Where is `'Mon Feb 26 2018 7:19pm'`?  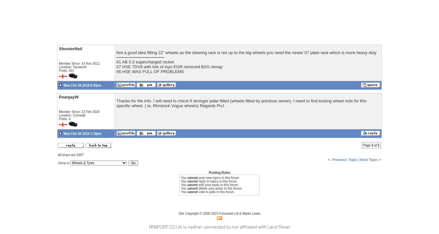
'Mon Feb 26 2018 7:19pm' is located at coordinates (82, 133).